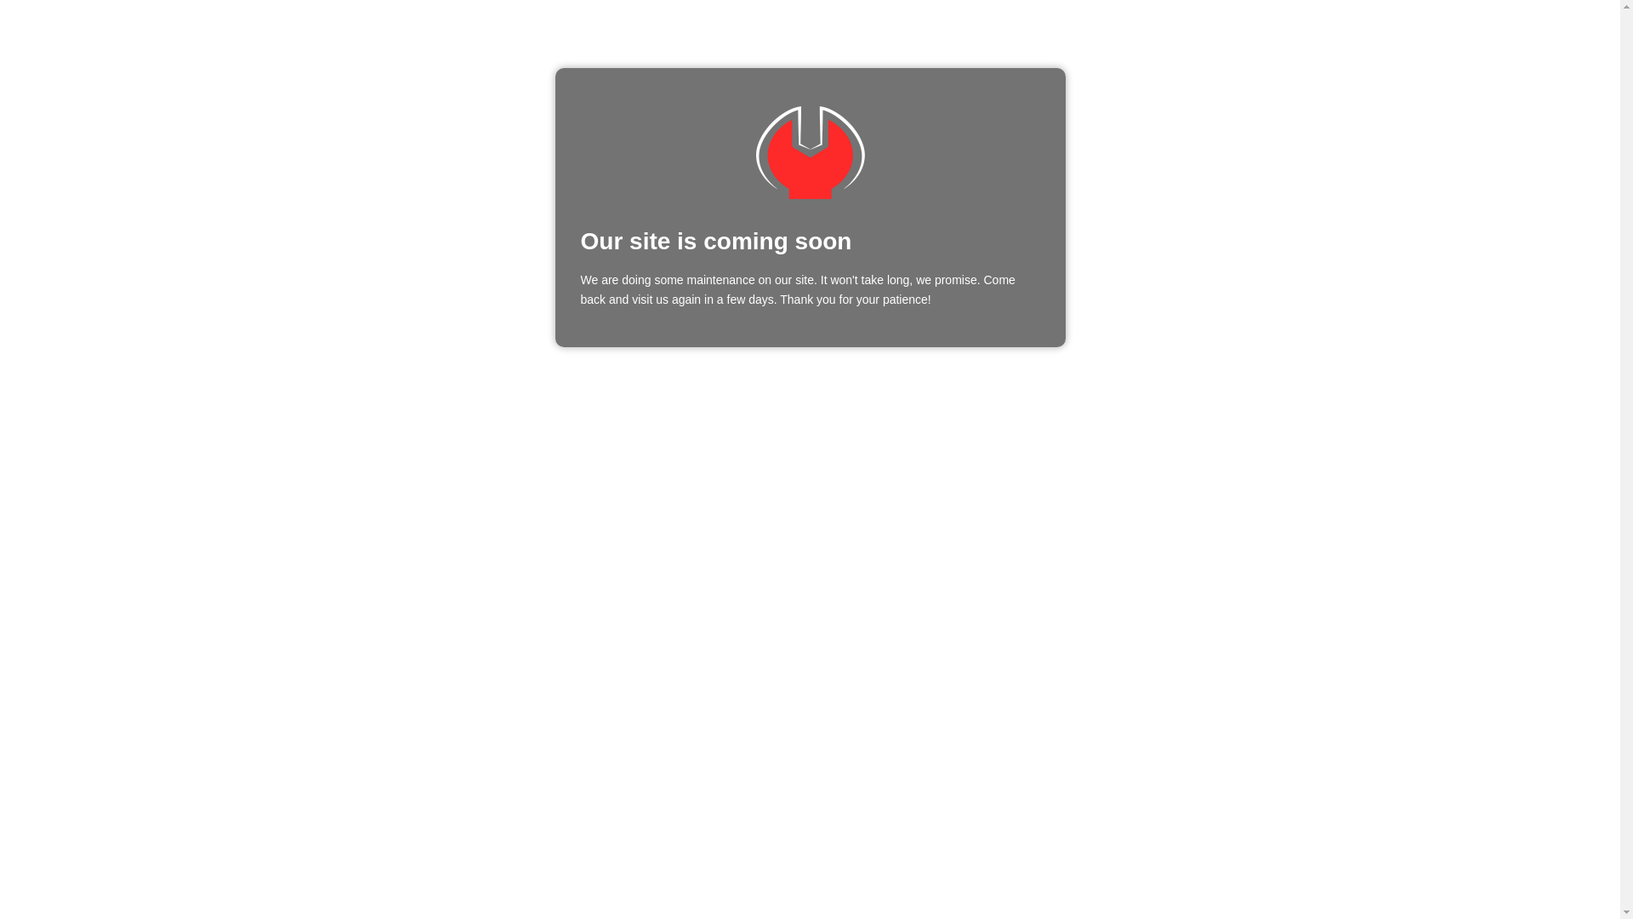  Describe the element at coordinates (808, 151) in the screenshot. I see `'cinematic'` at that location.